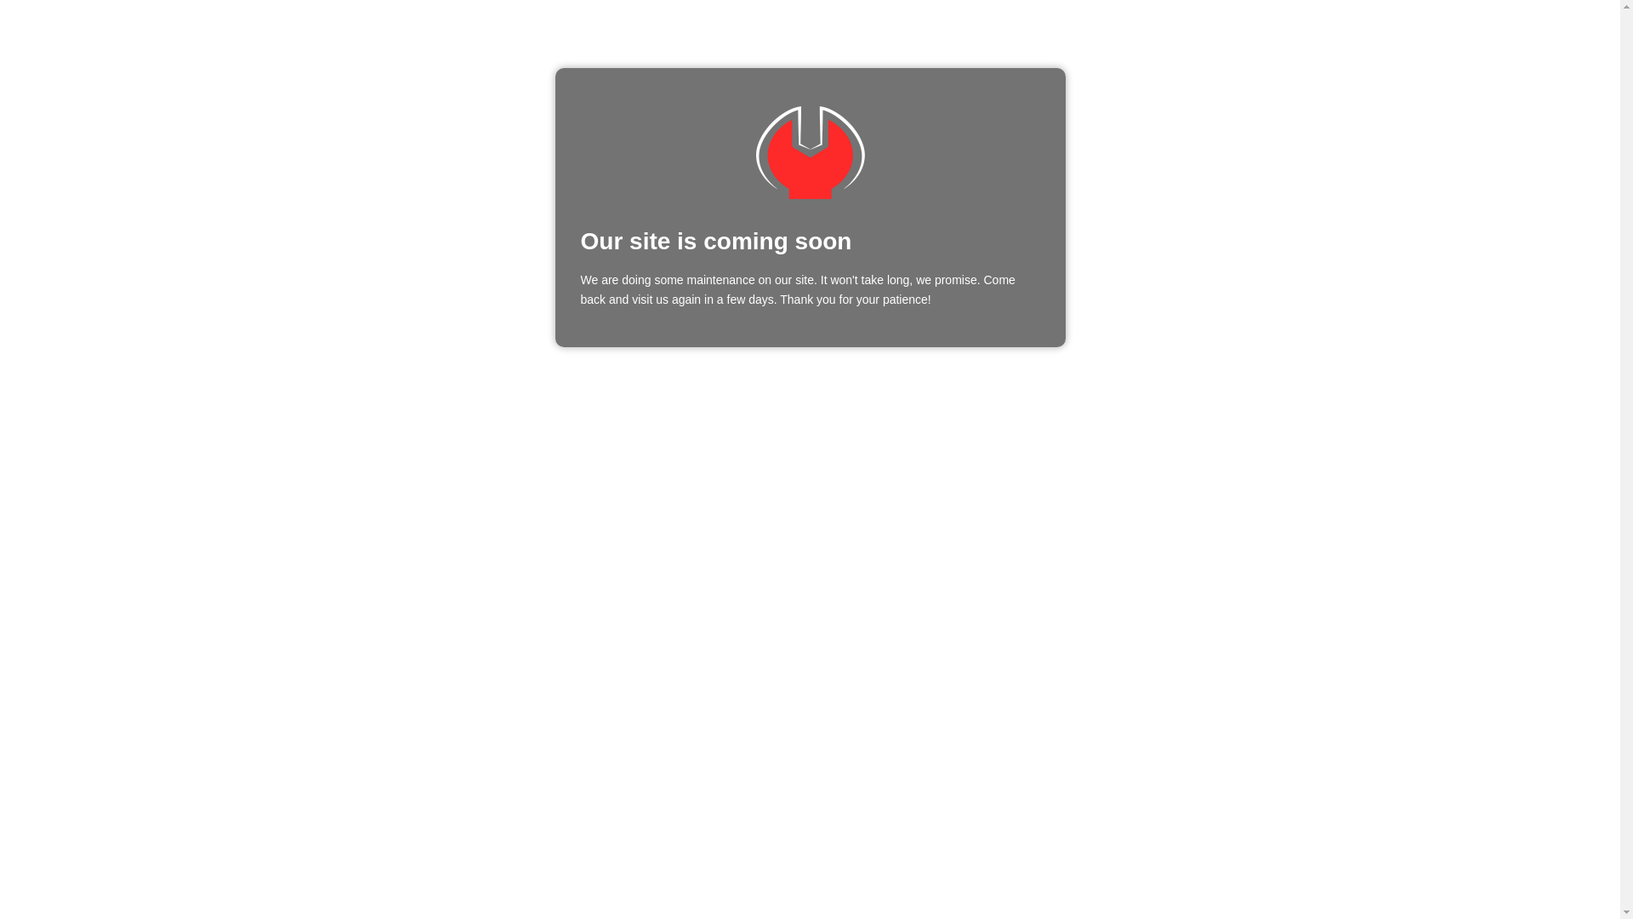  Describe the element at coordinates (808, 151) in the screenshot. I see `'cinematic'` at that location.